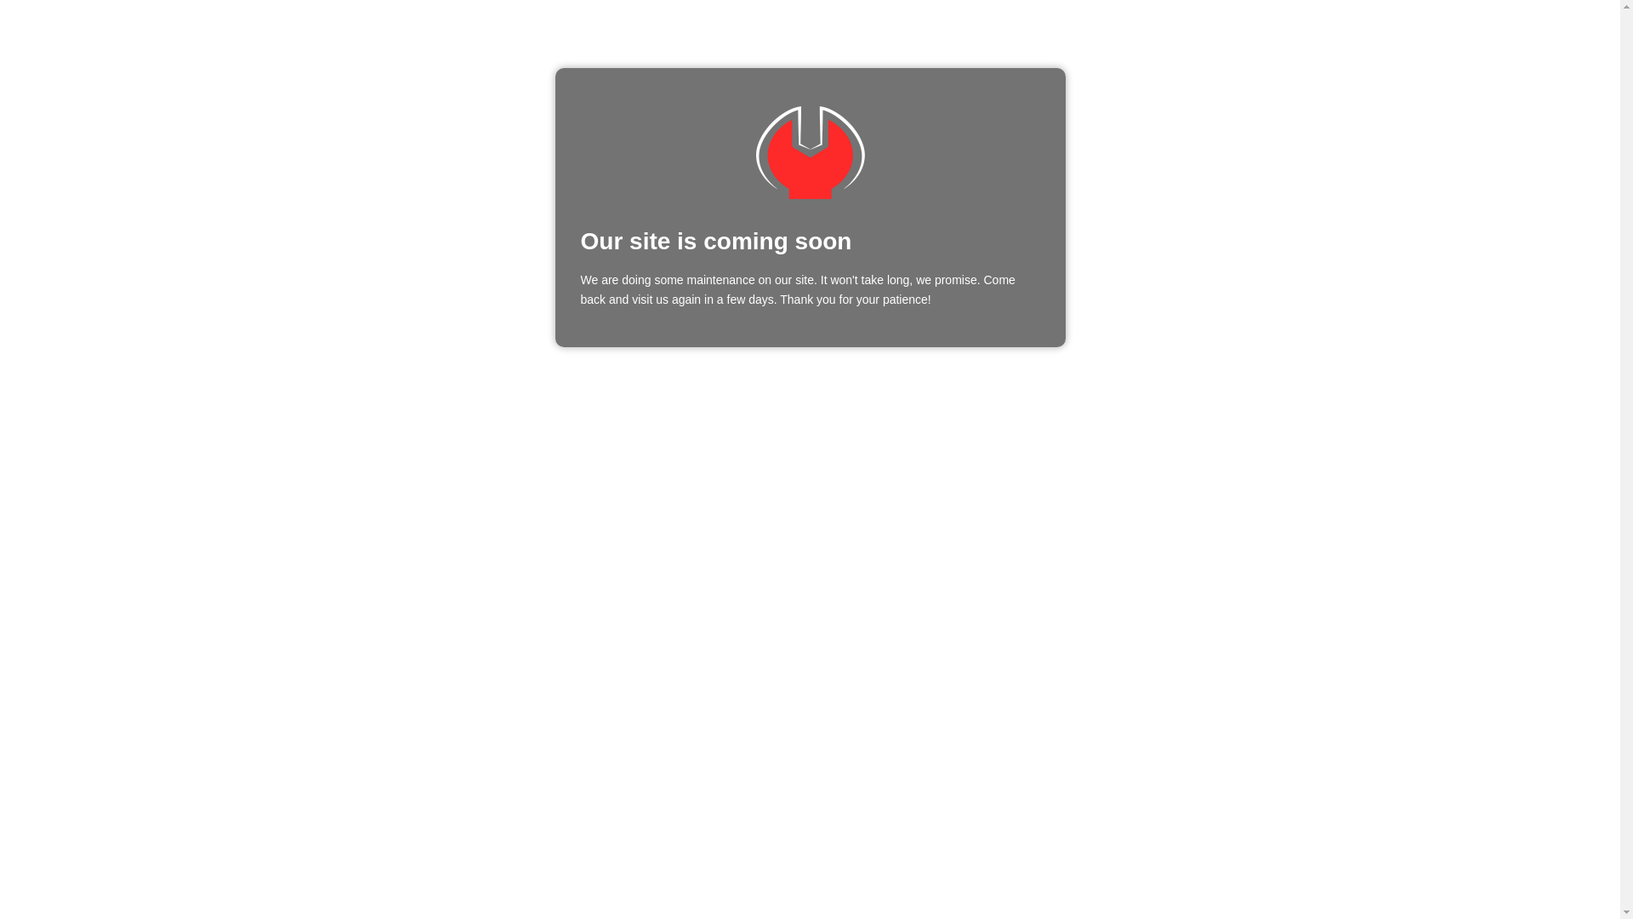  Describe the element at coordinates (808, 151) in the screenshot. I see `'cinematic'` at that location.